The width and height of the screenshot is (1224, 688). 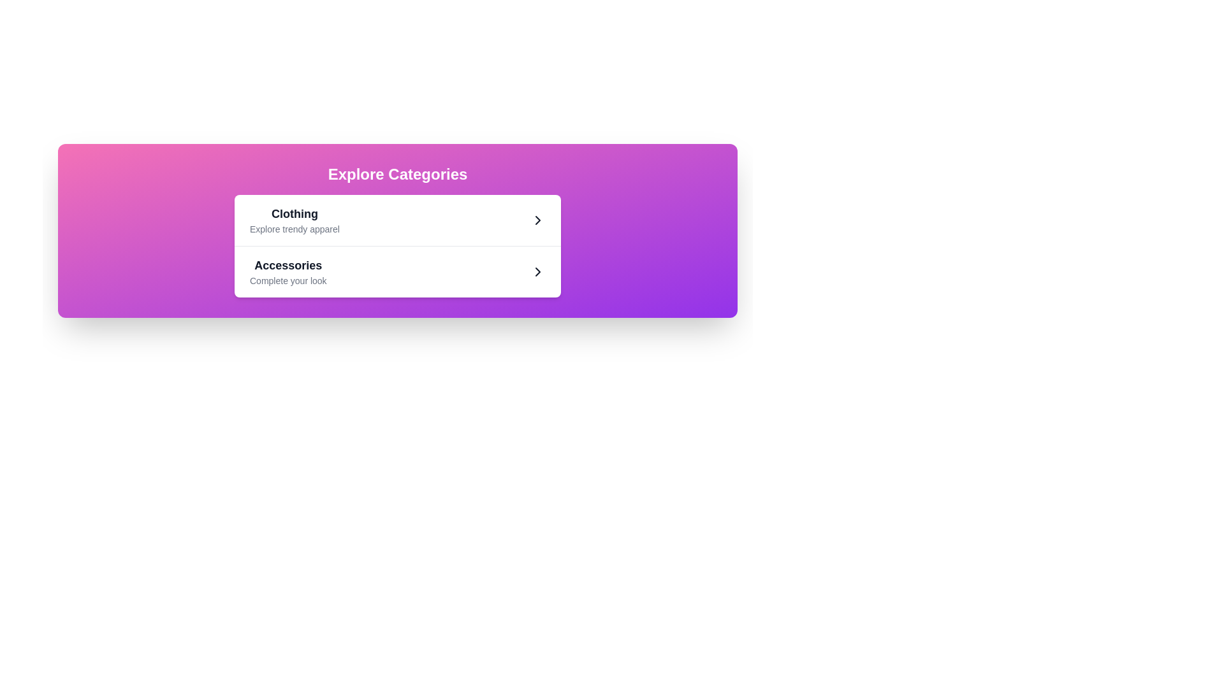 What do you see at coordinates (538, 271) in the screenshot?
I see `the right-facing arrow icon located in the second option of the horizontal list under 'Explore Categories'` at bounding box center [538, 271].